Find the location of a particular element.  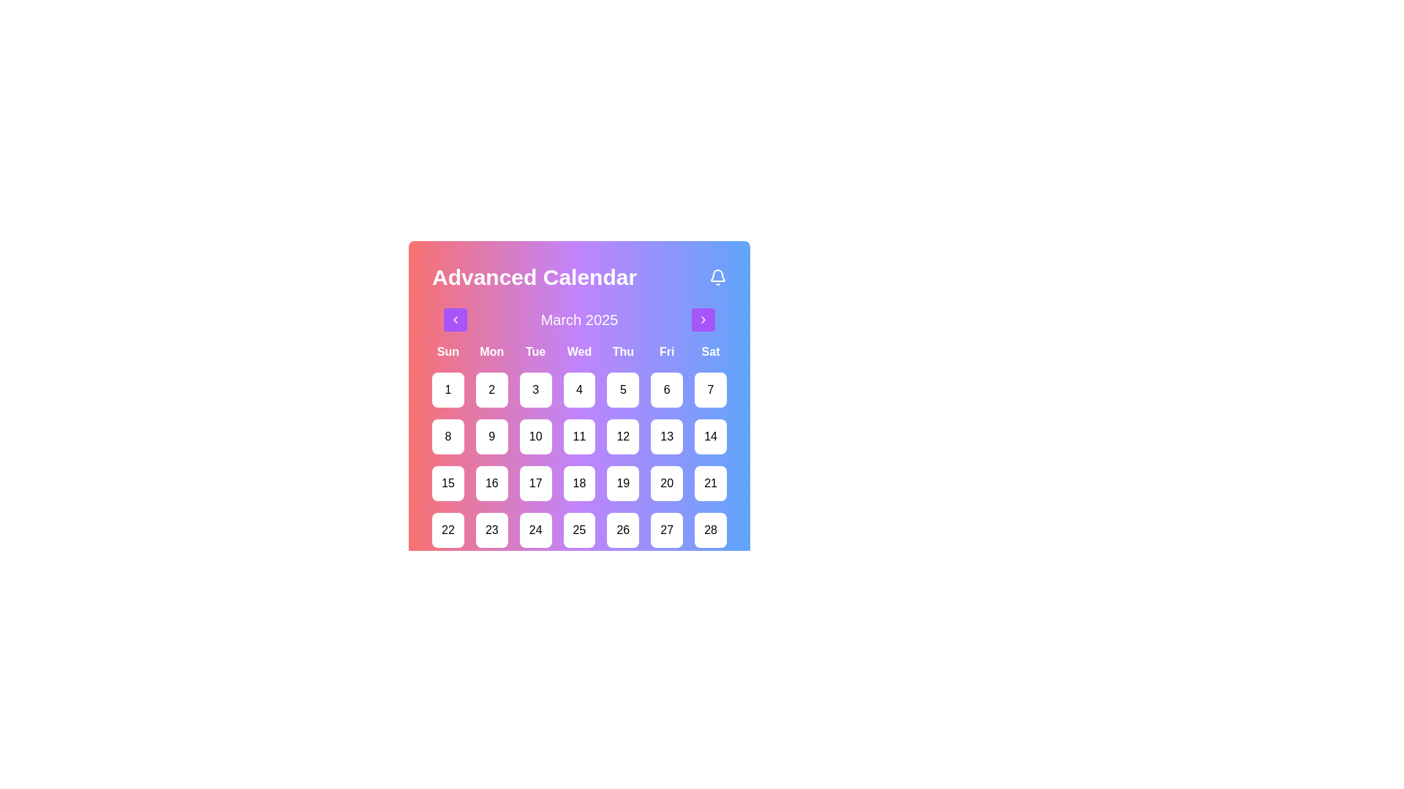

the small rectangular purple button with rounded corners and a right-facing chevron icon, located at the top right corner of the calendar interface near 'March 2025' is located at coordinates (703, 319).